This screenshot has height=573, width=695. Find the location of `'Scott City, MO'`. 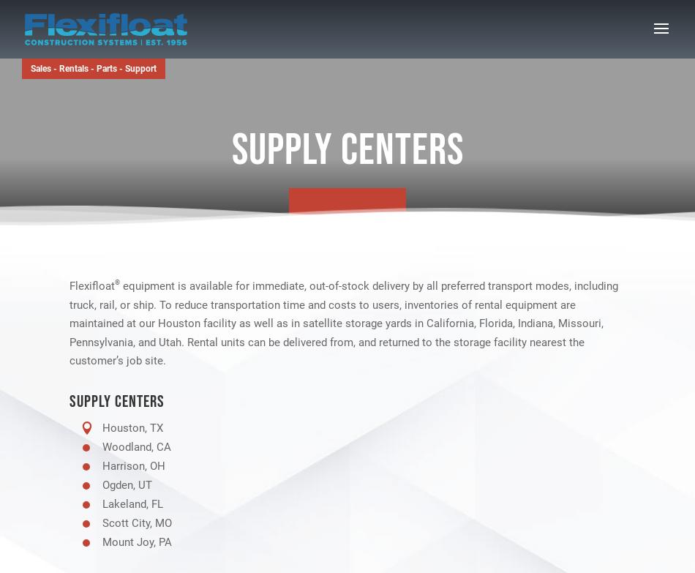

'Scott City, MO' is located at coordinates (137, 522).